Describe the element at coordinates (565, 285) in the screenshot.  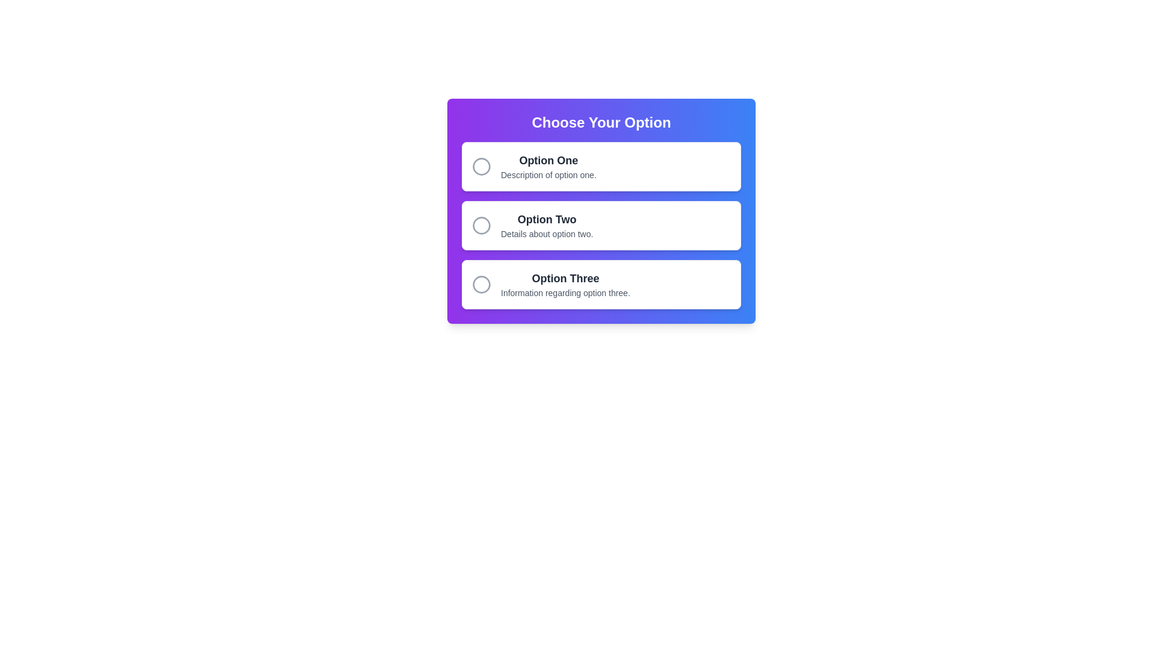
I see `the text block that serves as the label and description for 'Option Three' in the vertical list of options` at that location.